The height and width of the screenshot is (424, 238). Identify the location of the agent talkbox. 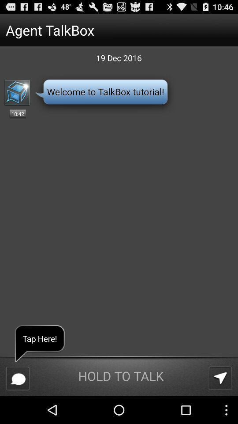
(102, 30).